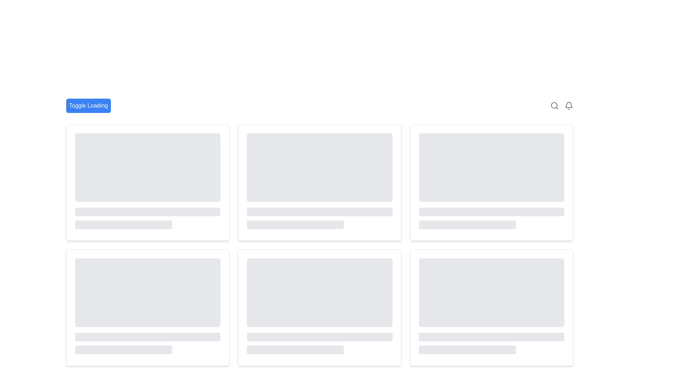 Image resolution: width=687 pixels, height=386 pixels. Describe the element at coordinates (88, 106) in the screenshot. I see `the blue button labeled 'Toggle Loading' located near the top-left side of the interface` at that location.